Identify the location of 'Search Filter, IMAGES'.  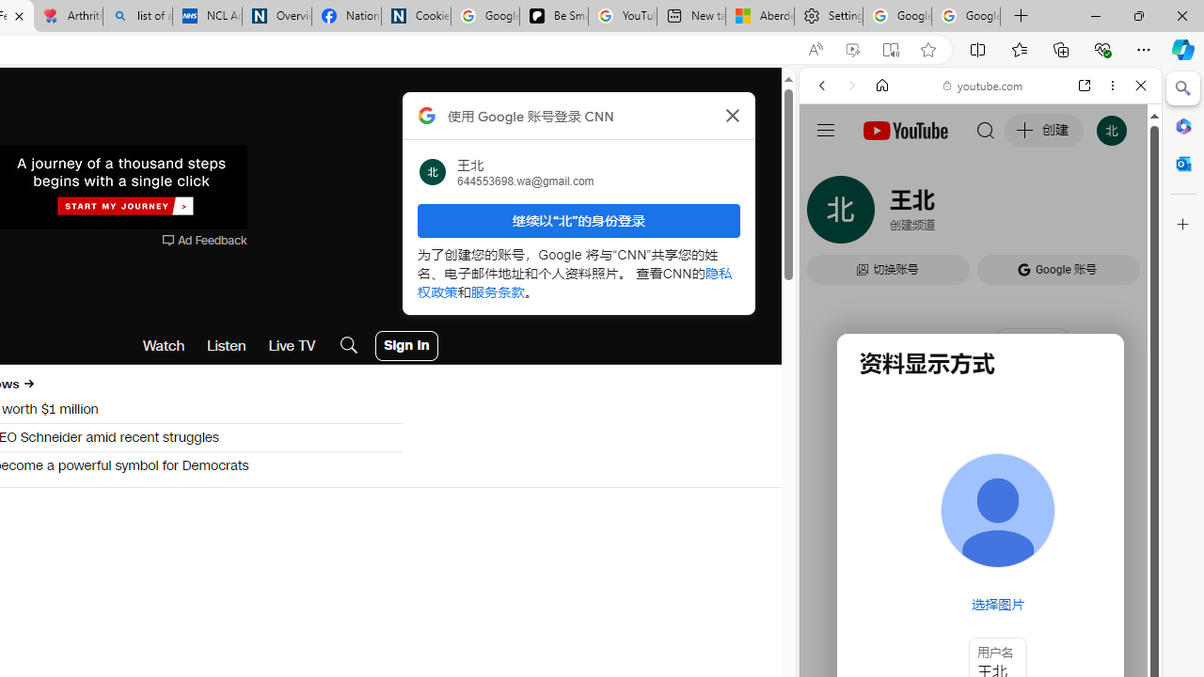
(883, 213).